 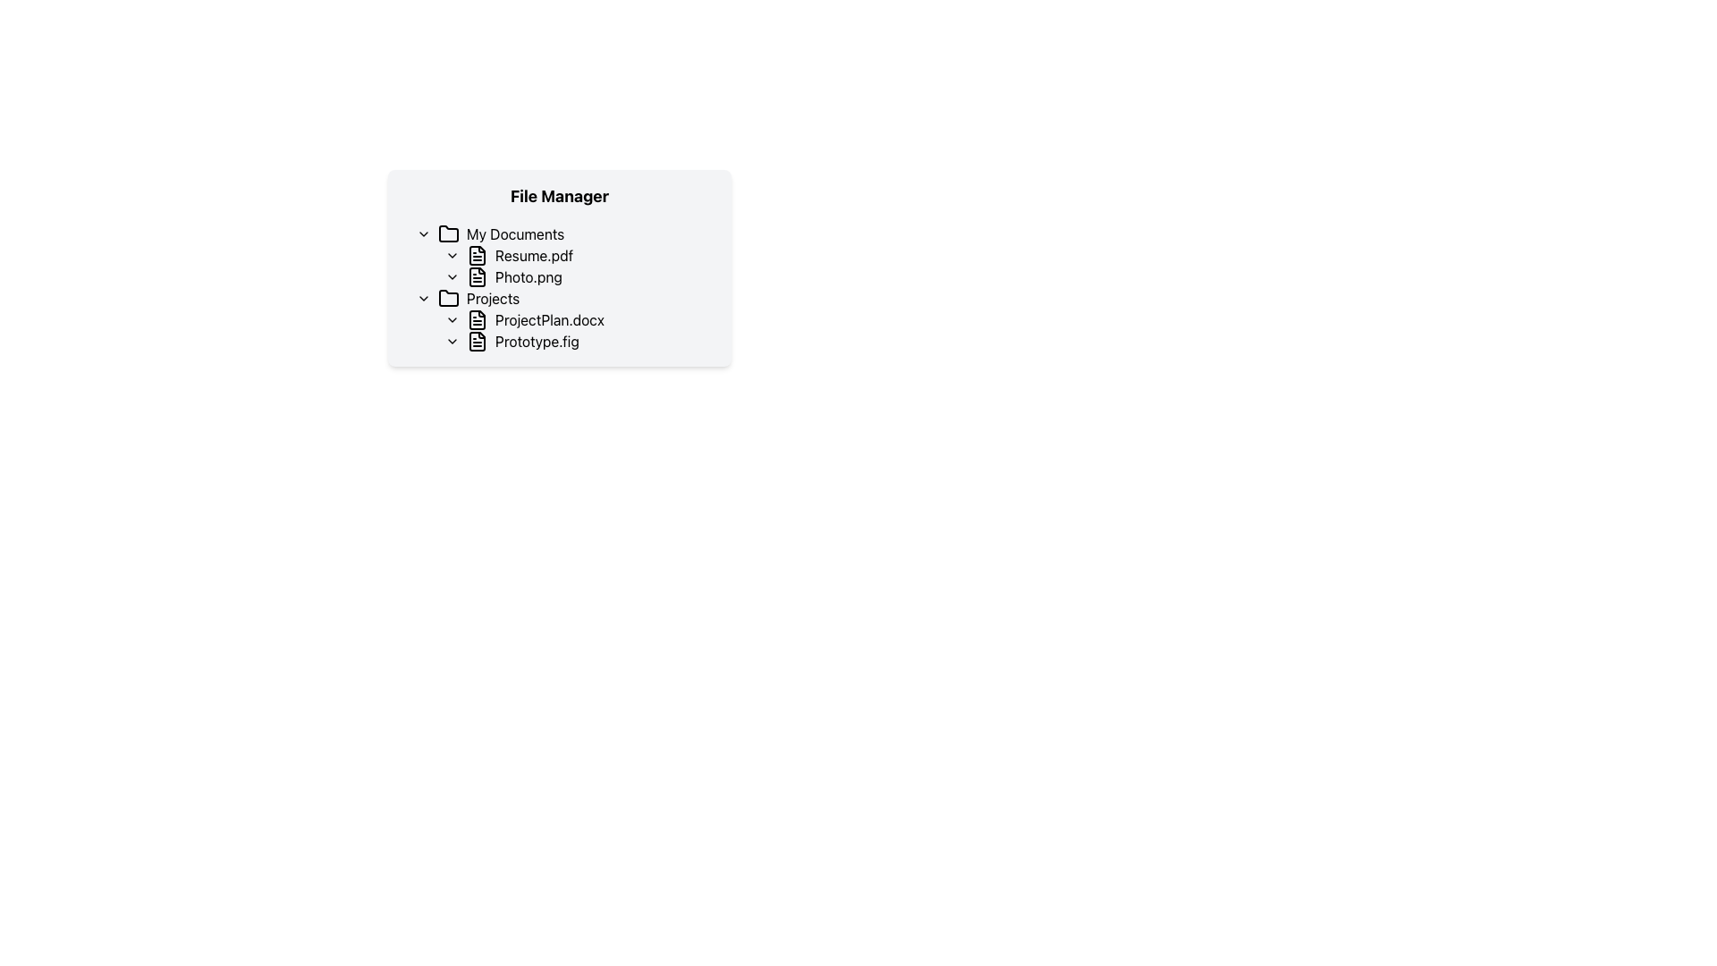 What do you see at coordinates (449, 296) in the screenshot?
I see `the Folder icon associated with the 'Projects' folder in the file manager, which is located immediately before the text label 'Projects'` at bounding box center [449, 296].